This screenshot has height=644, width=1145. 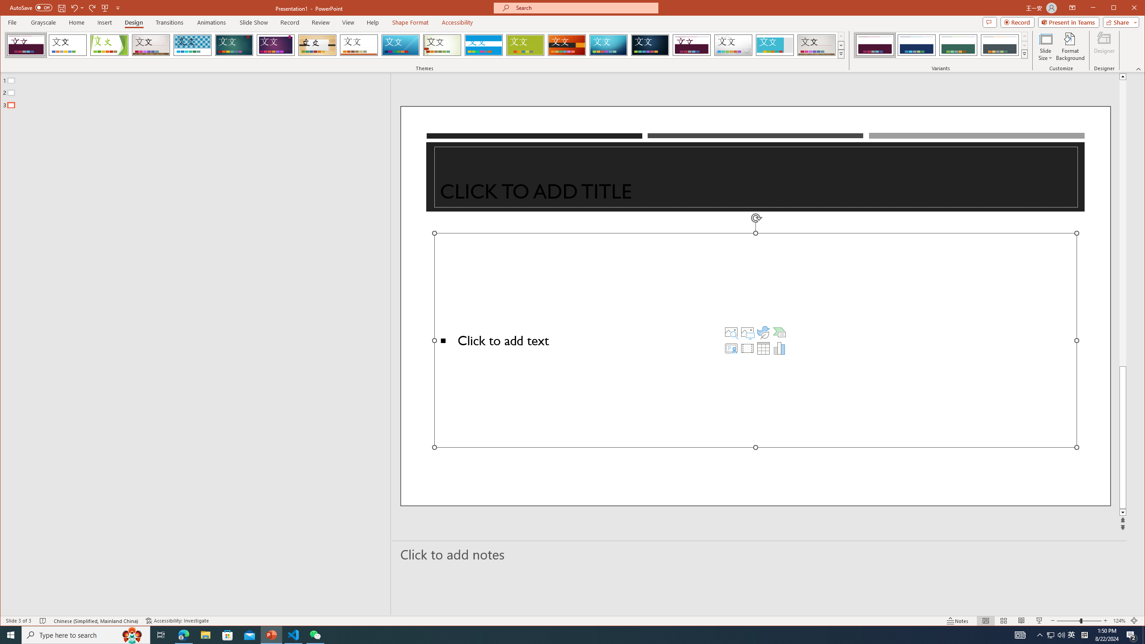 What do you see at coordinates (691, 45) in the screenshot?
I see `'Dividend'` at bounding box center [691, 45].